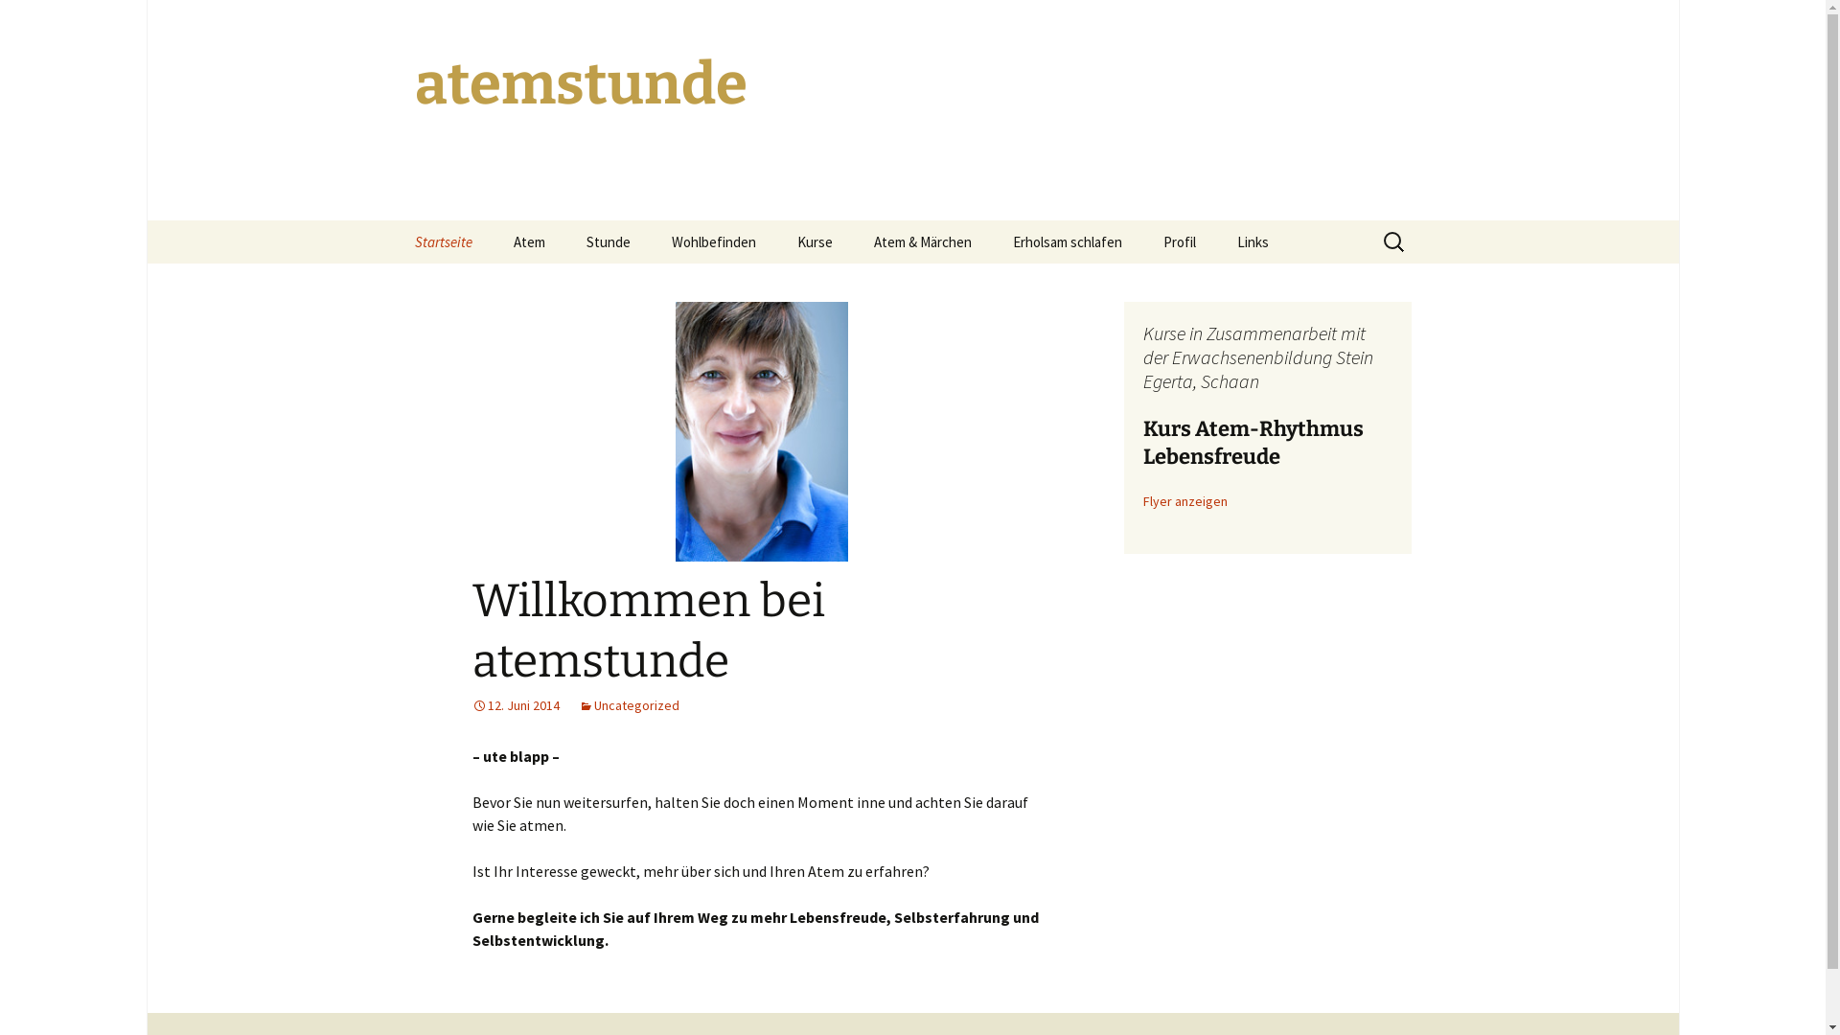 The width and height of the screenshot is (1840, 1035). What do you see at coordinates (1066, 241) in the screenshot?
I see `'Erholsam schlafen'` at bounding box center [1066, 241].